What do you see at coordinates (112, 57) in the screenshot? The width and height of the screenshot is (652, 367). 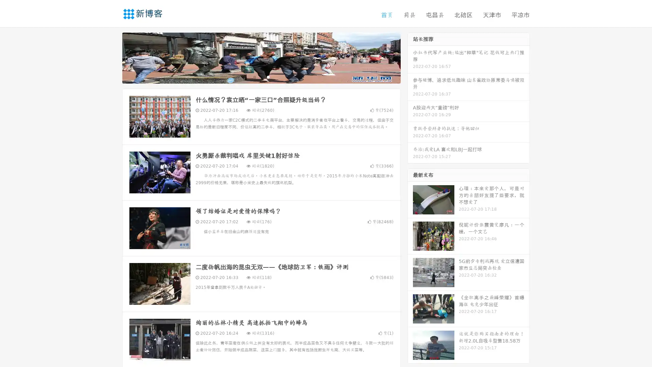 I see `Previous slide` at bounding box center [112, 57].